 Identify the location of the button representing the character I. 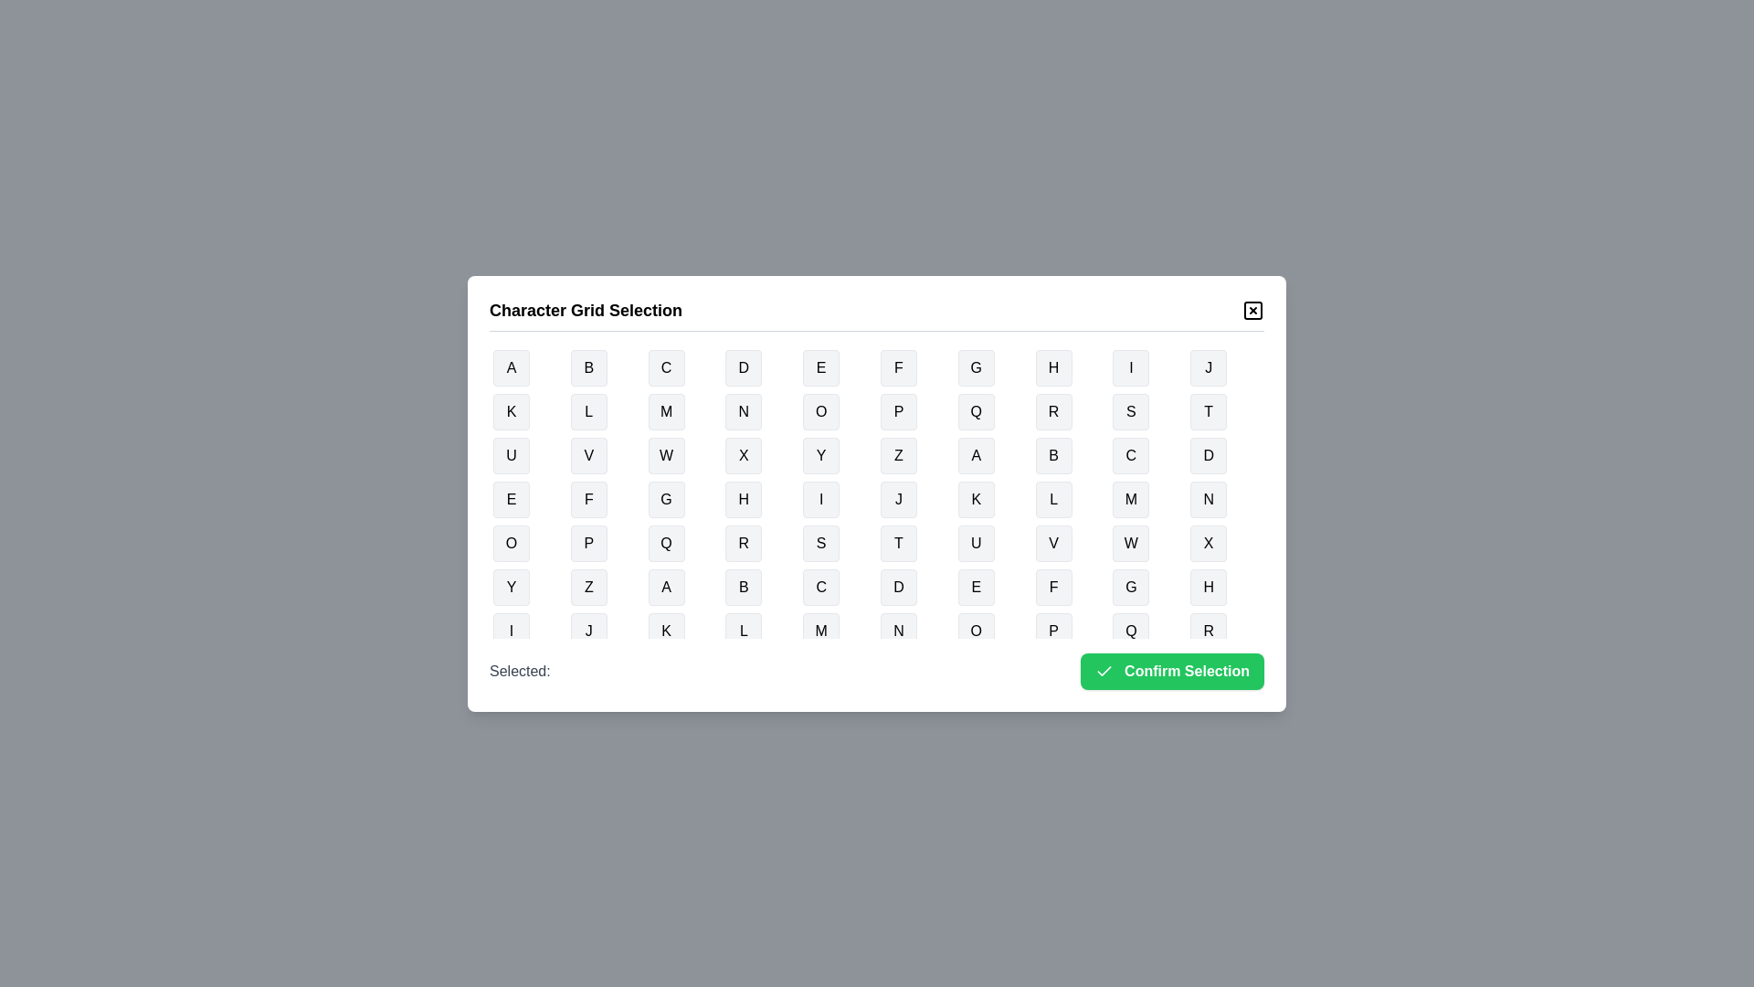
(1130, 367).